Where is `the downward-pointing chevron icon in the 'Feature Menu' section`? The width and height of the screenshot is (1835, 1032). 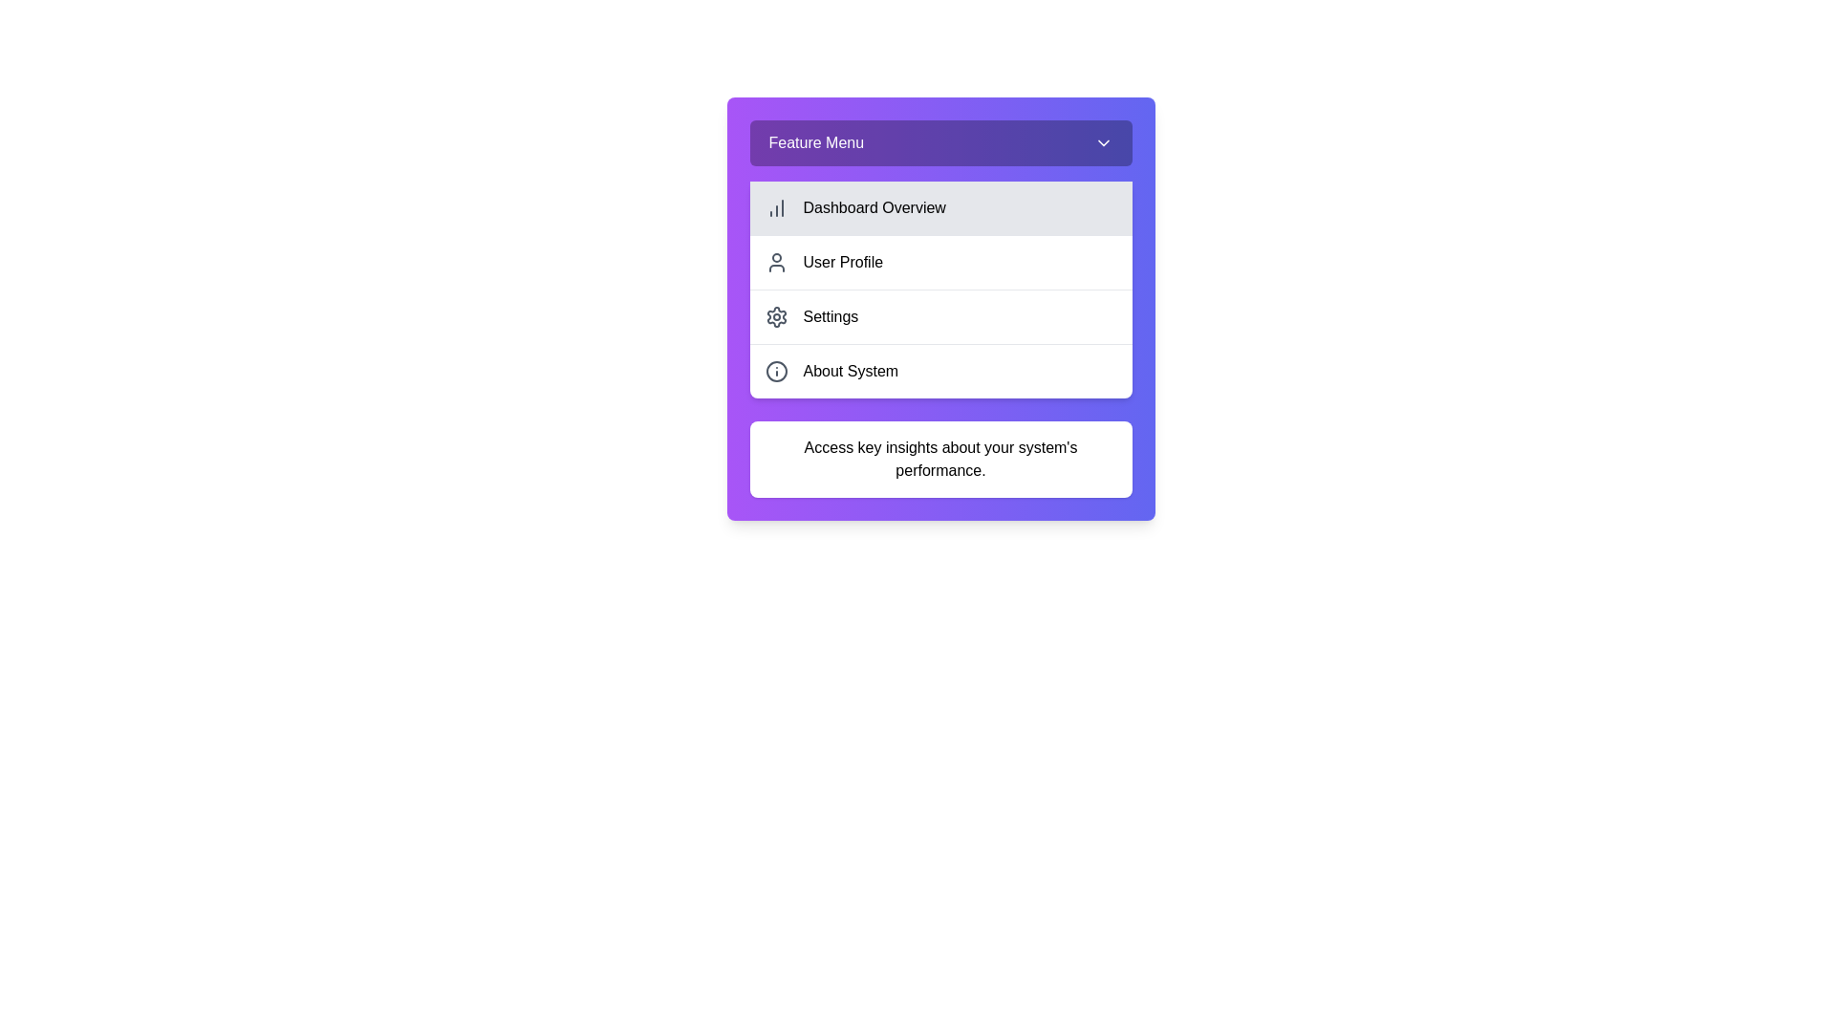 the downward-pointing chevron icon in the 'Feature Menu' section is located at coordinates (1103, 142).